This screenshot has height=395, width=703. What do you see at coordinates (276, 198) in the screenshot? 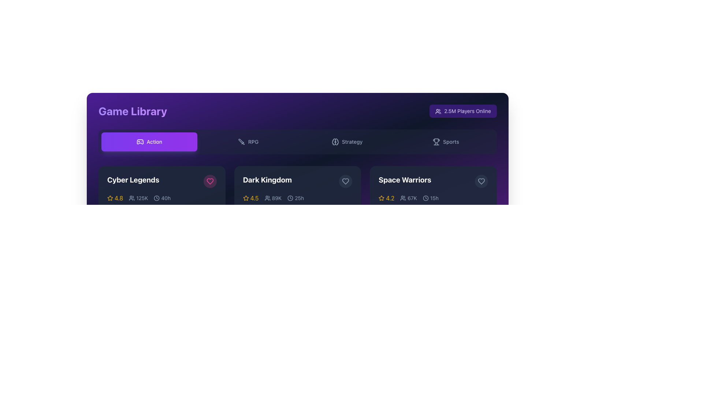
I see `the text label displaying the number of people associated with the game 'Dark Kingdom'` at bounding box center [276, 198].